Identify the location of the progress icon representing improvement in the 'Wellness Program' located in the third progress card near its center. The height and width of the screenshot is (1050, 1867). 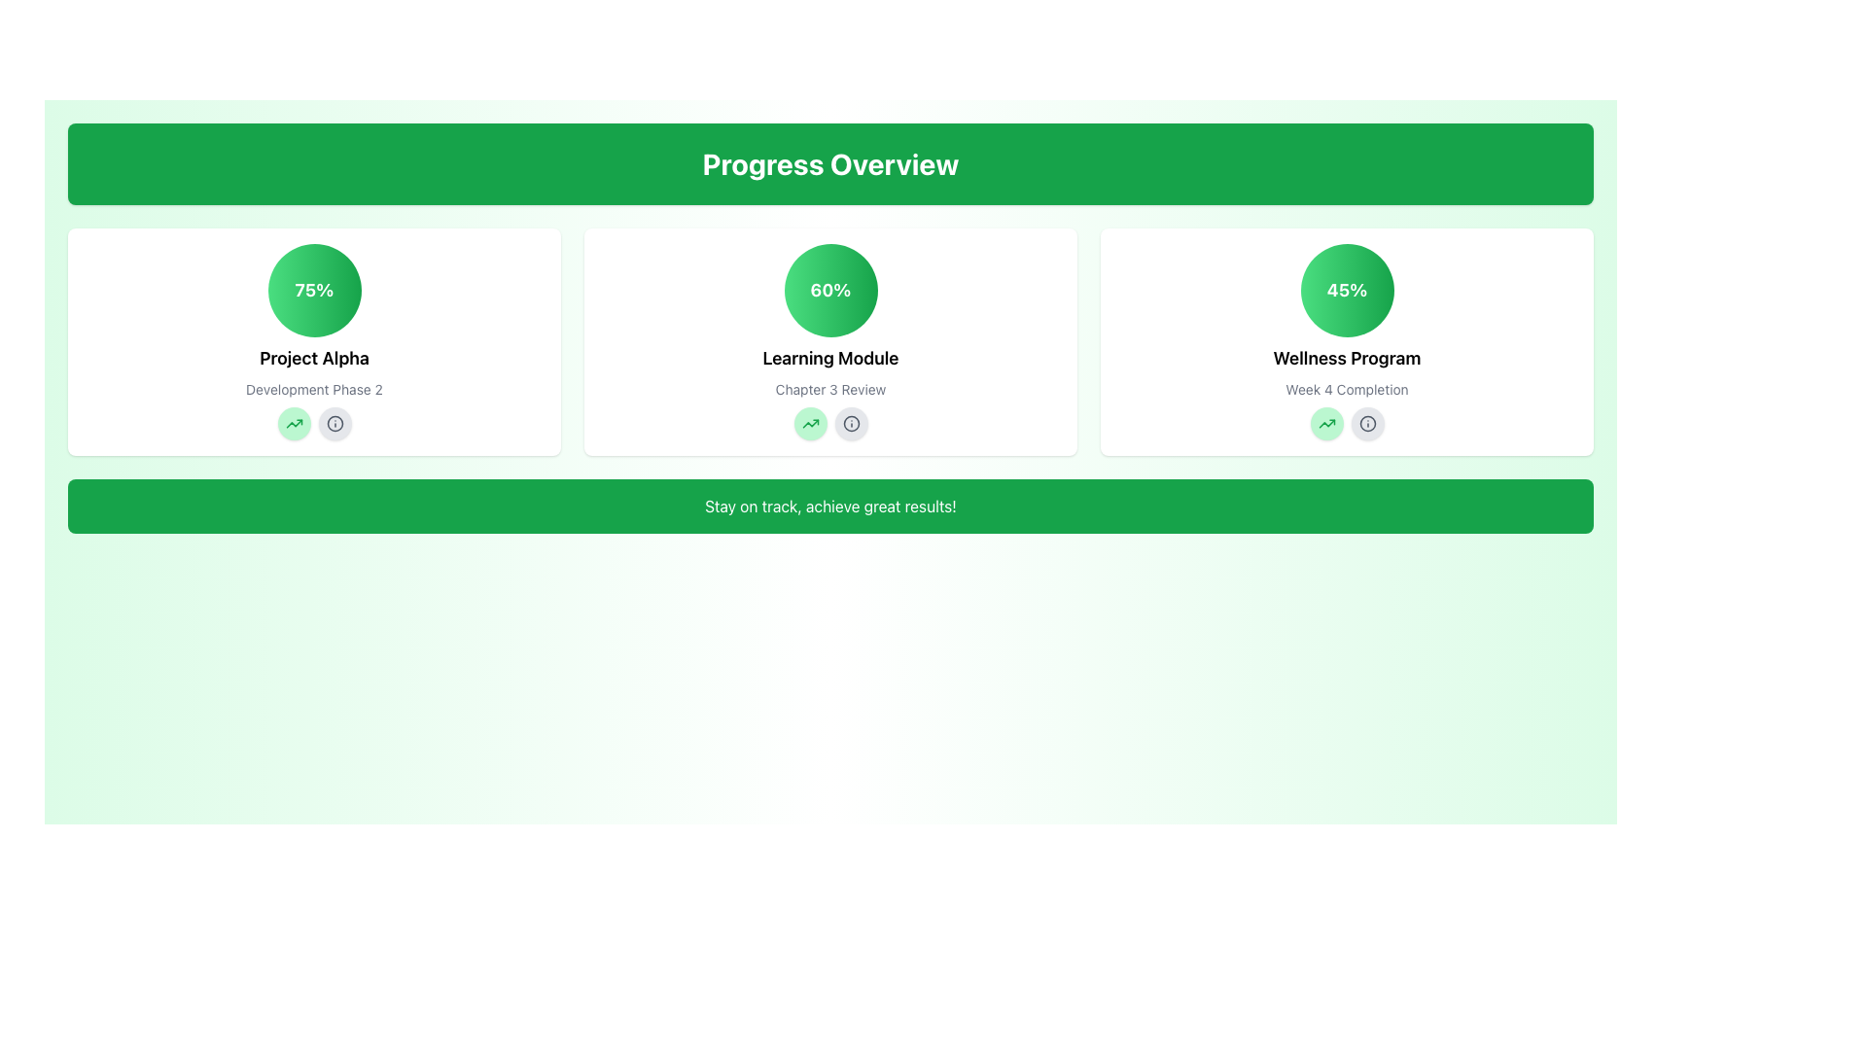
(1325, 422).